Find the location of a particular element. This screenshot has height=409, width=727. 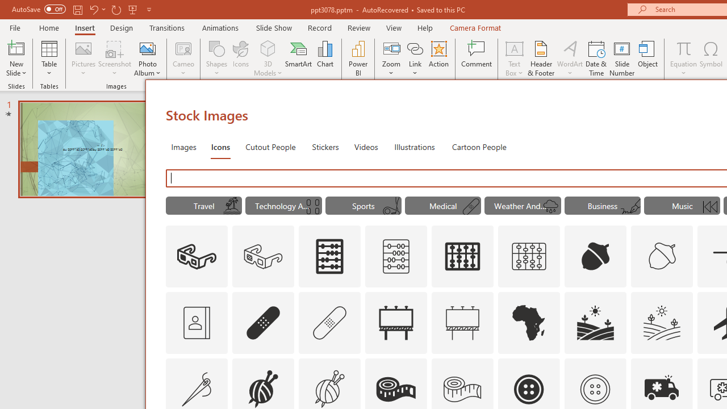

'Comment' is located at coordinates (477, 59).